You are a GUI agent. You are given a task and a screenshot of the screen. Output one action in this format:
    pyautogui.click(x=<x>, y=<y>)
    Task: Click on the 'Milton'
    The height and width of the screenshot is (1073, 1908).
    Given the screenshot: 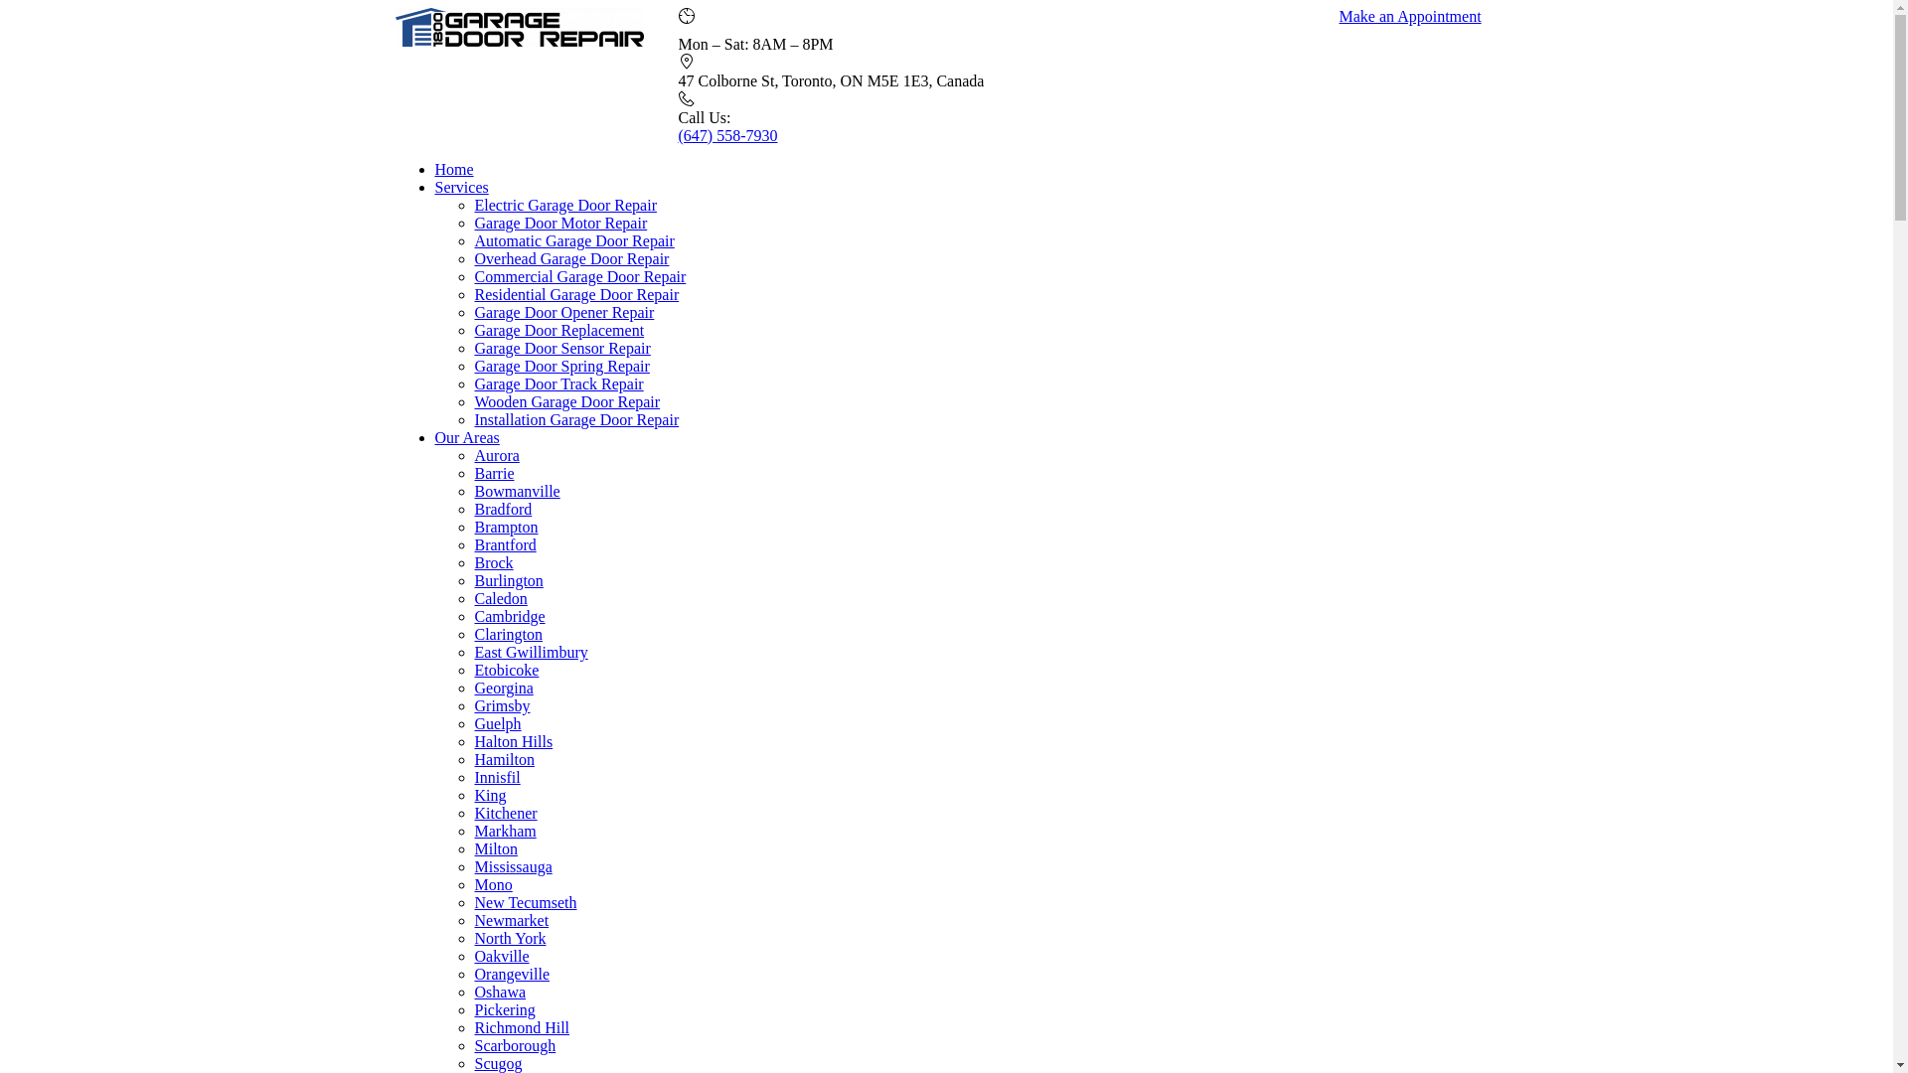 What is the action you would take?
    pyautogui.click(x=496, y=848)
    